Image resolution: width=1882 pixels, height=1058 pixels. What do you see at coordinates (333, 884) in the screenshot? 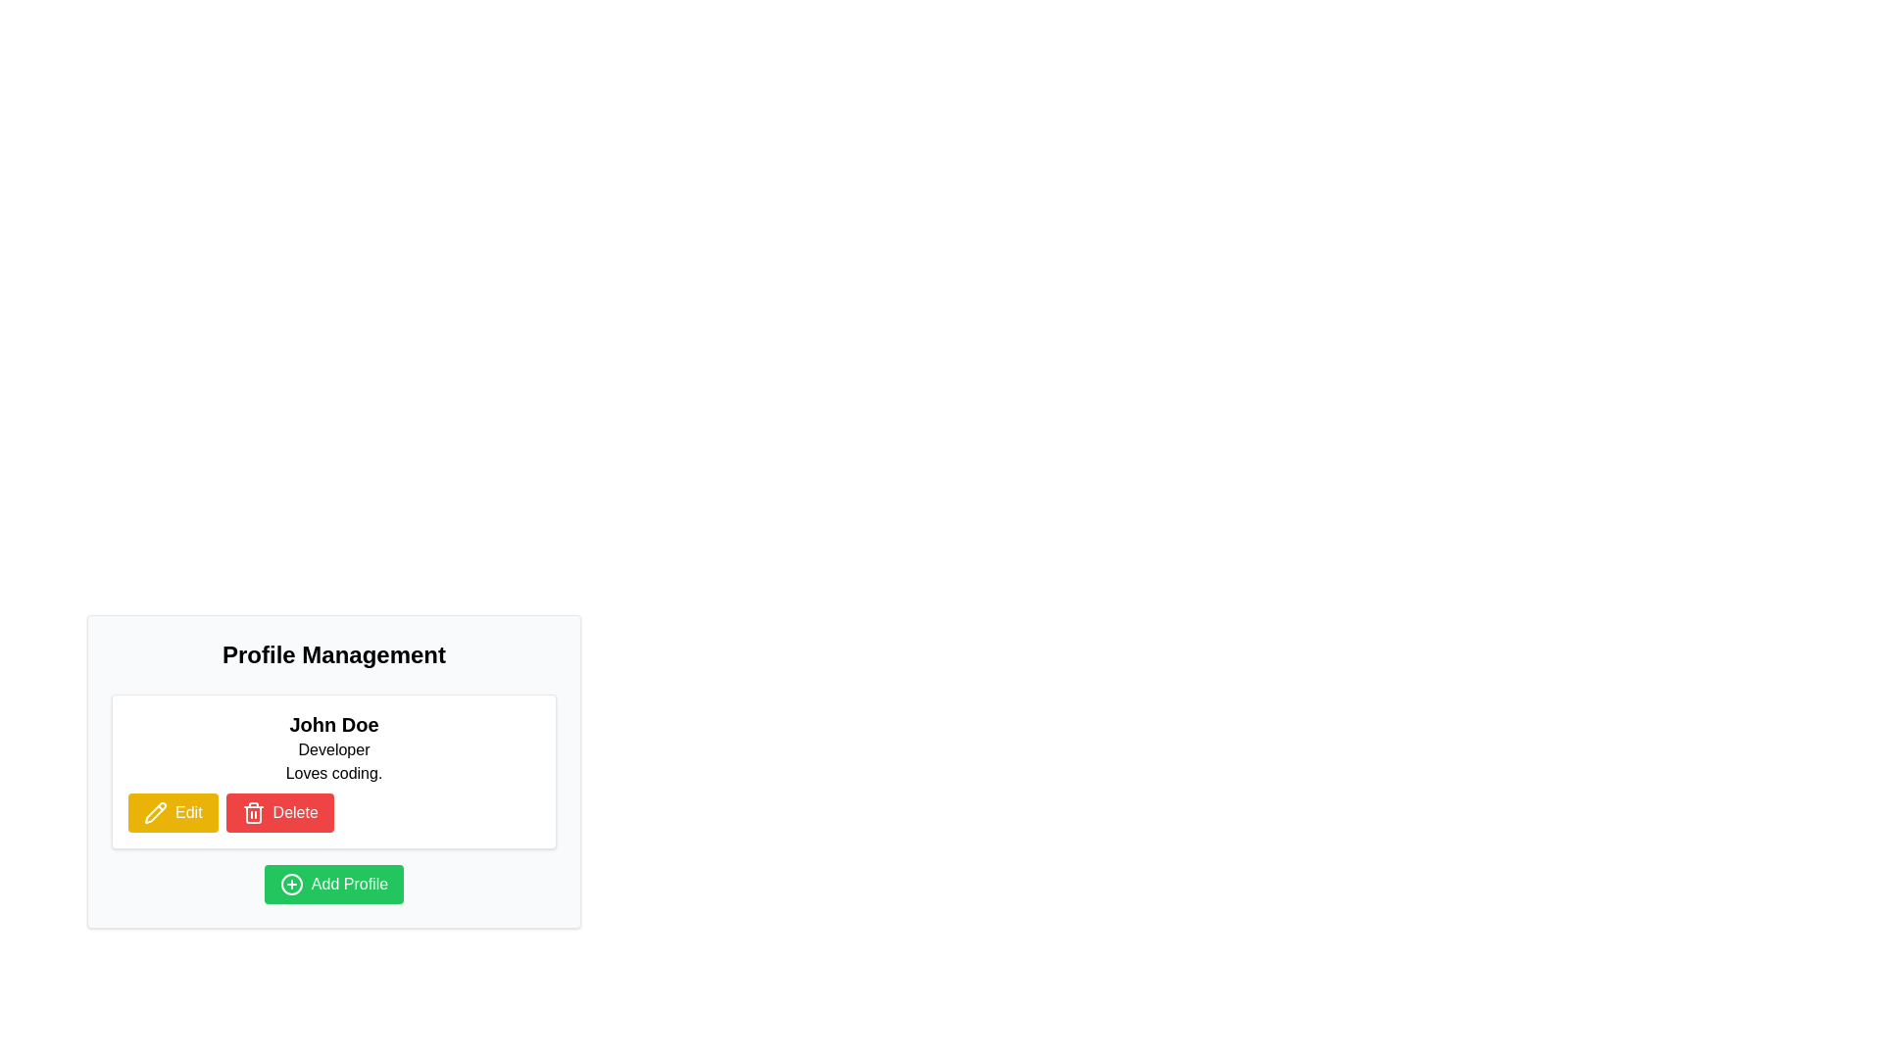
I see `the green 'Add Profile' button located at the bottom center of the 'Profile Management' section` at bounding box center [333, 884].